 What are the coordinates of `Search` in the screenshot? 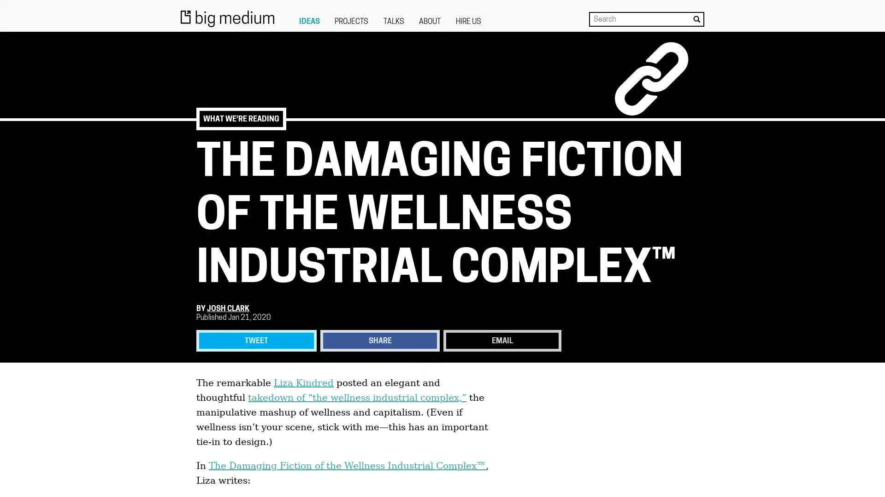 It's located at (696, 19).